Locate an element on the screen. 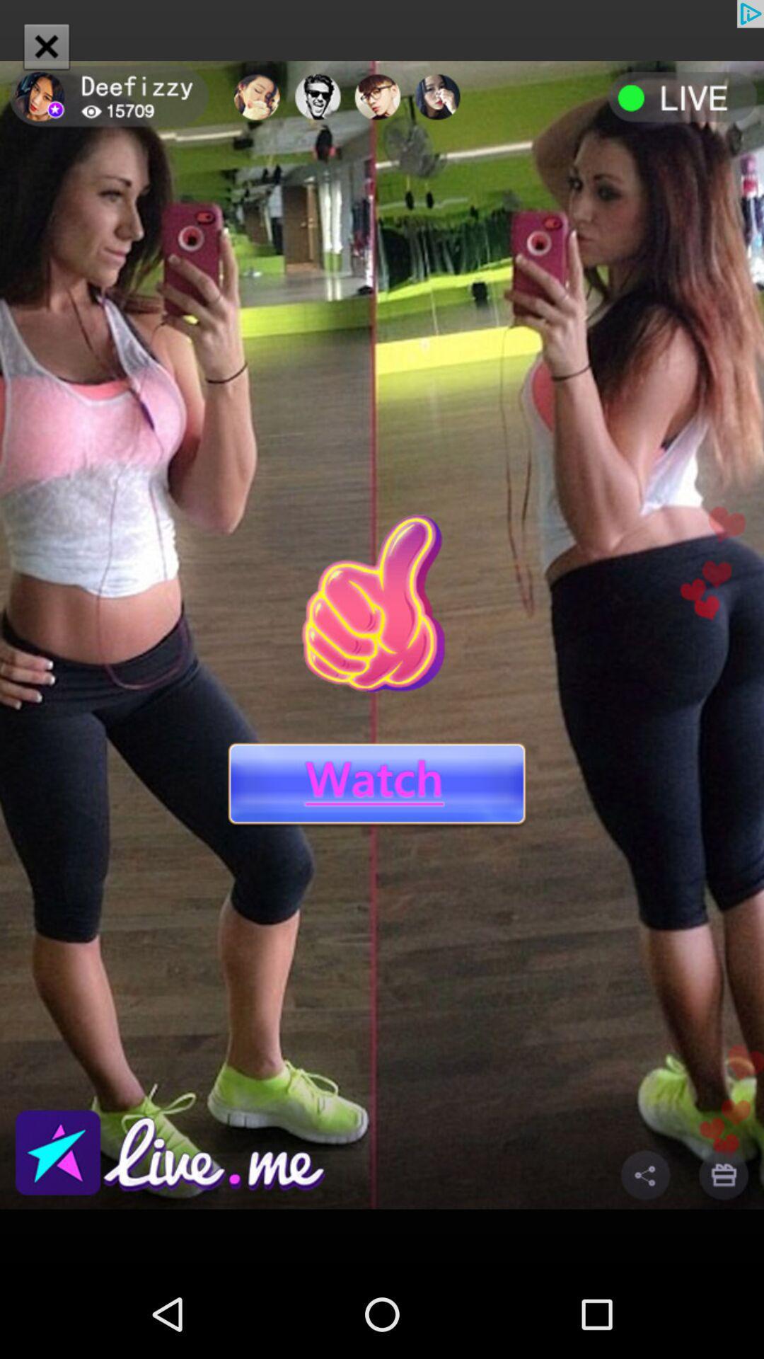  the close icon is located at coordinates (64, 69).